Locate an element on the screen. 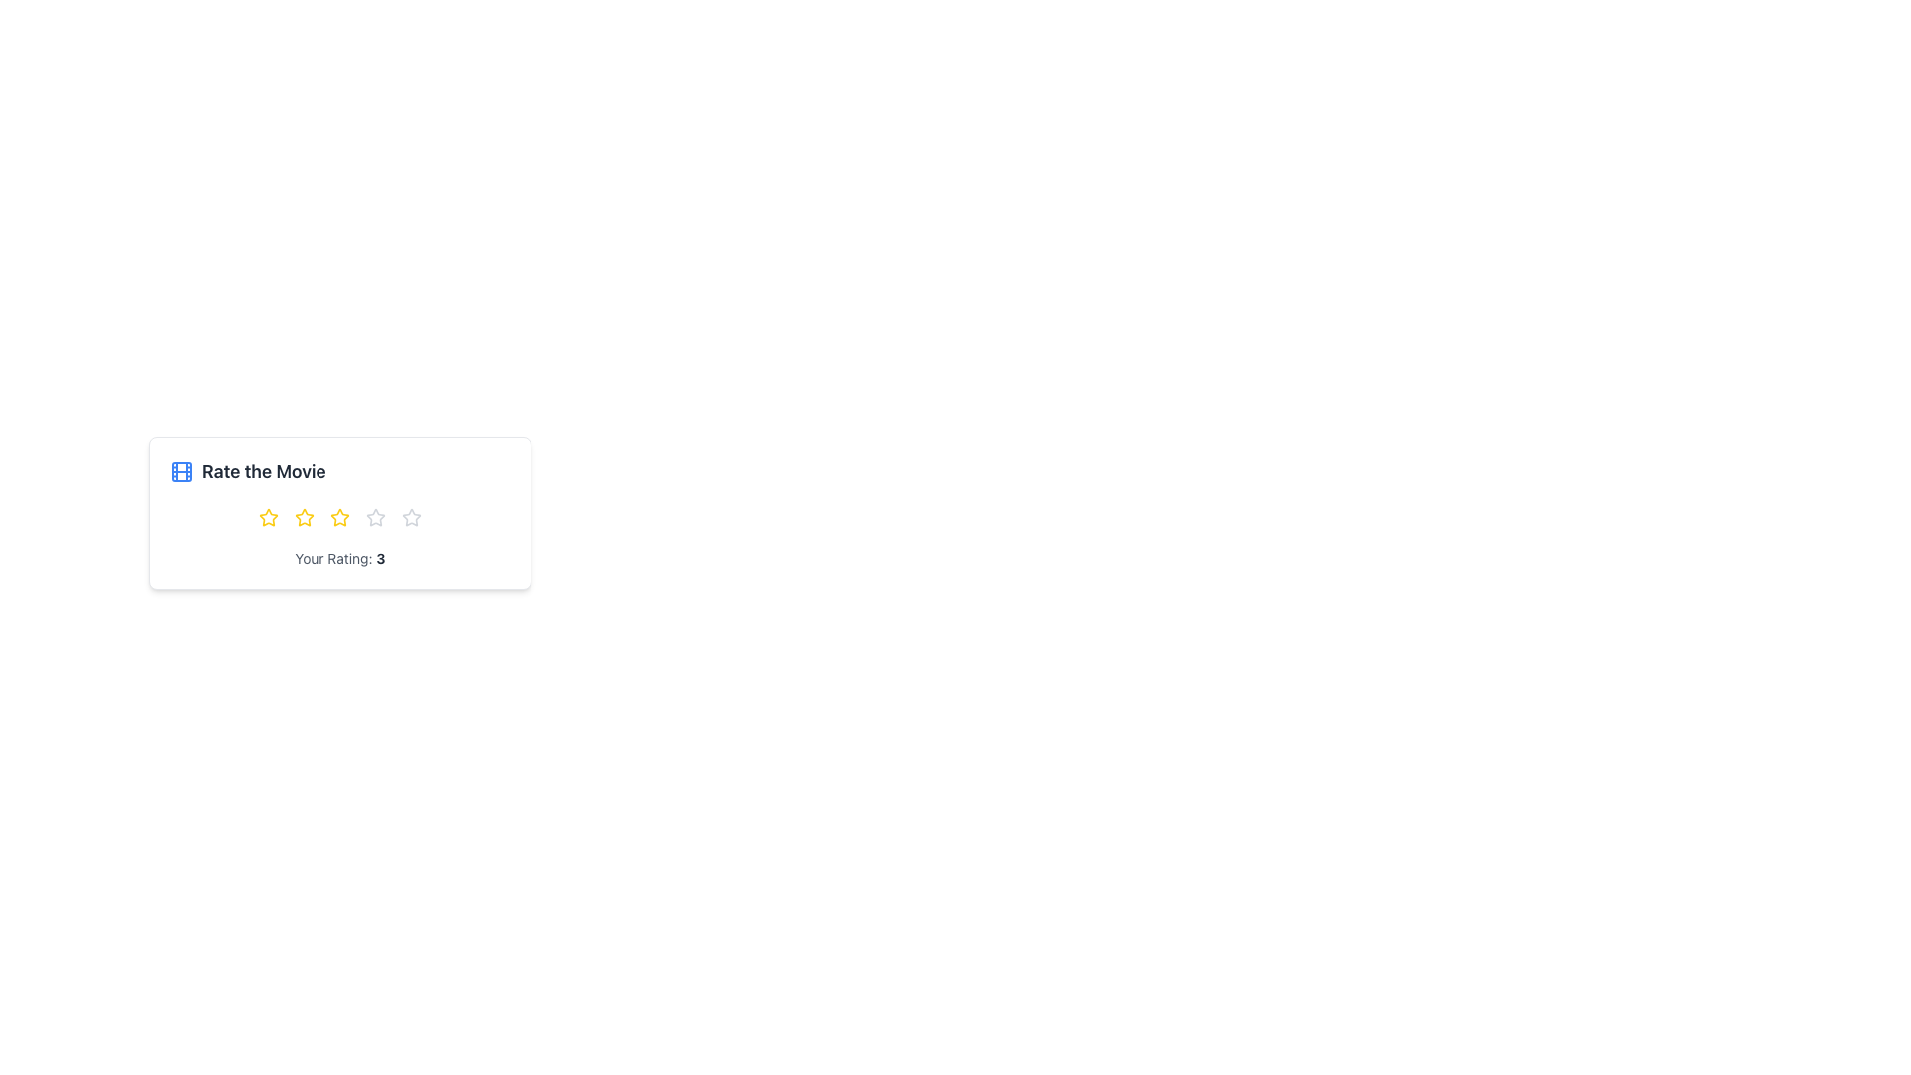 This screenshot has height=1075, width=1911. the fifth star icon in the rating system under the 'Rate the Movie' label is located at coordinates (410, 517).